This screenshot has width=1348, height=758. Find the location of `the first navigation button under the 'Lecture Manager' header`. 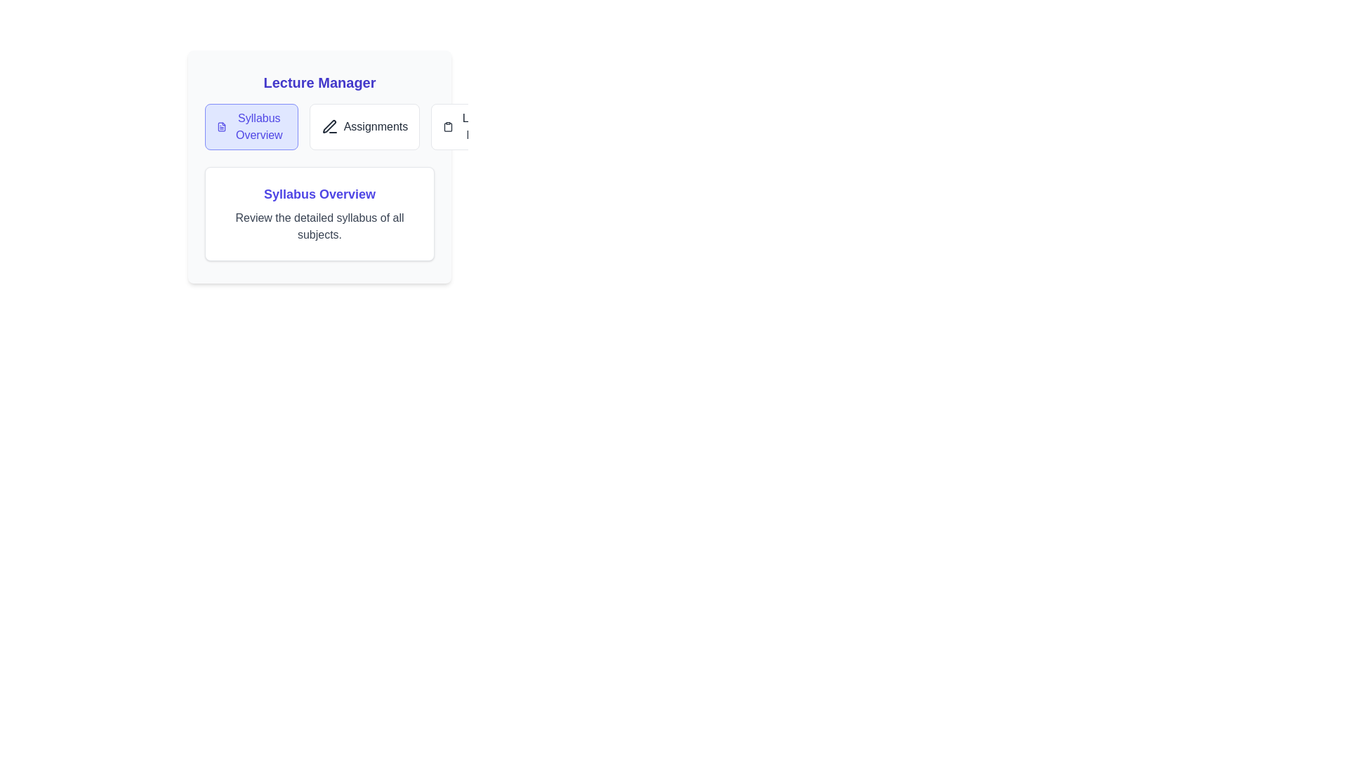

the first navigation button under the 'Lecture Manager' header is located at coordinates (251, 127).